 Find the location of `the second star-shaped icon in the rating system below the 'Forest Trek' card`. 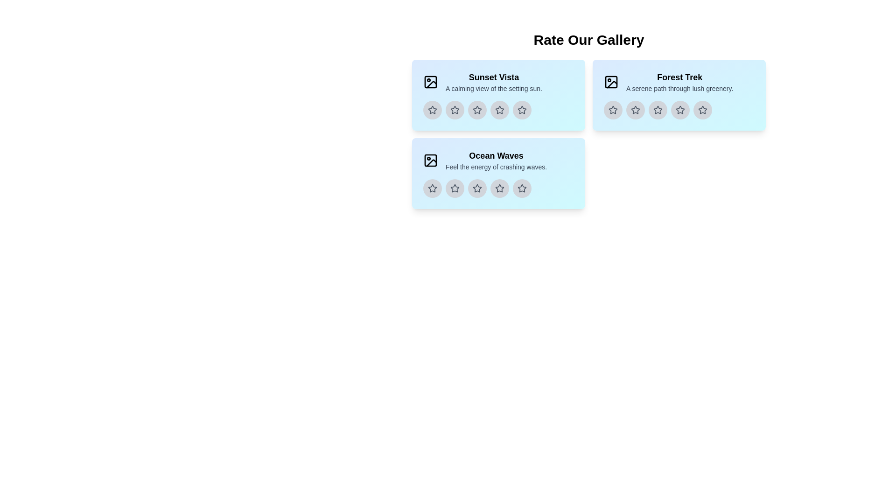

the second star-shaped icon in the rating system below the 'Forest Trek' card is located at coordinates (635, 109).